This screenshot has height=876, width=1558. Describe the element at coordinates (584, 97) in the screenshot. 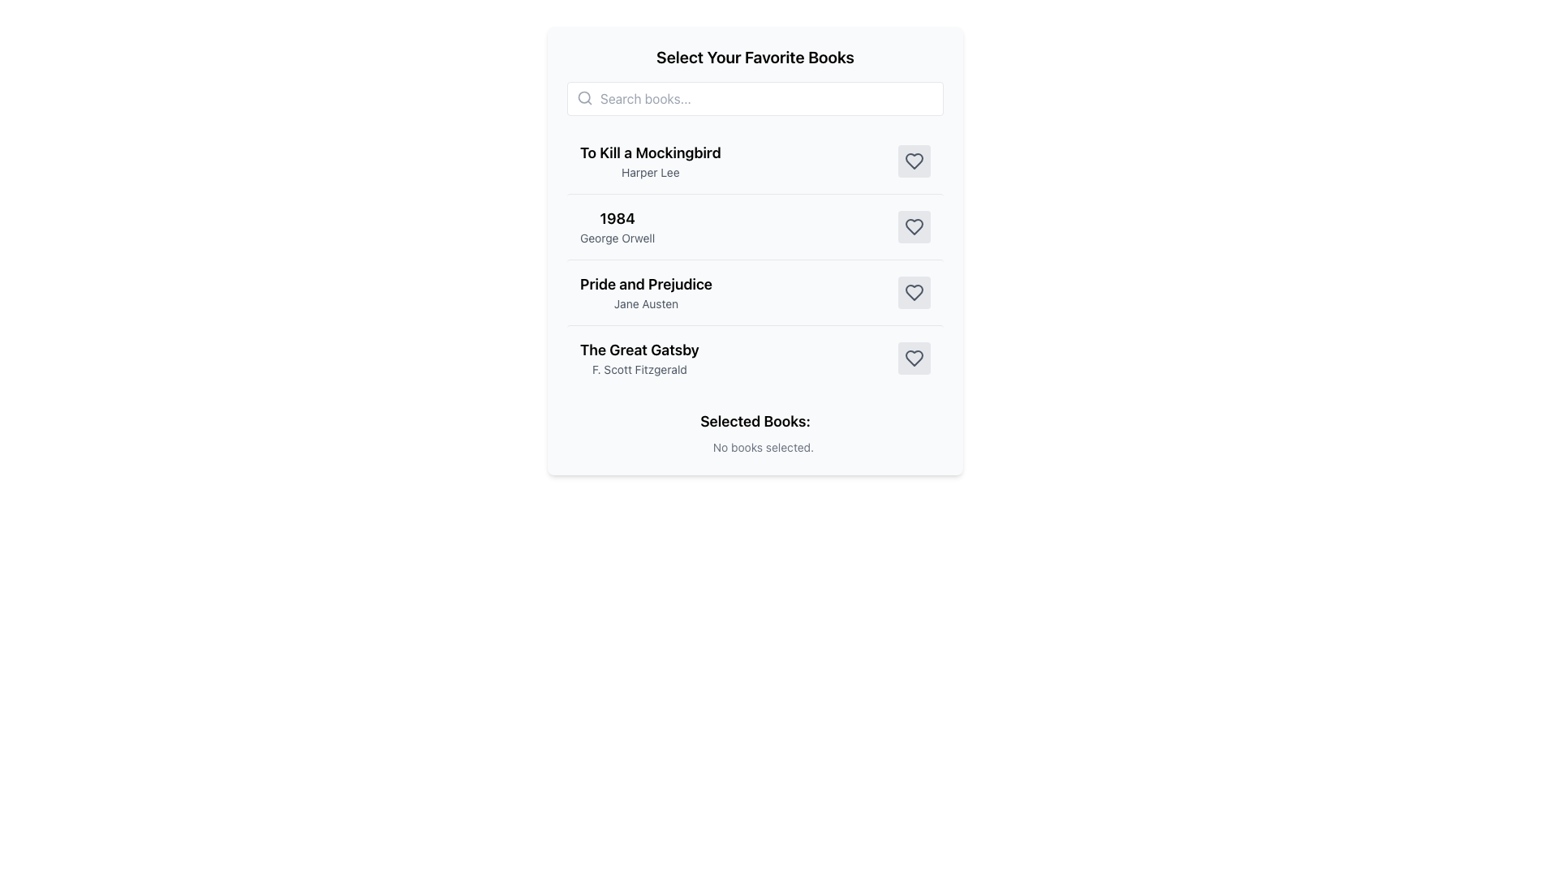

I see `the search icon, which is a circular magnifying glass located to the left of the search input field with the placeholder text 'Search books...'` at that location.